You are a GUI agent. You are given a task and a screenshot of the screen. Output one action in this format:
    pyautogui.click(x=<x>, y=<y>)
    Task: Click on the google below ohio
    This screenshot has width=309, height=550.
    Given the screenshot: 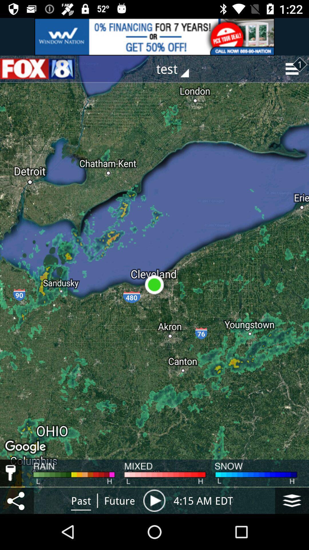 What is the action you would take?
    pyautogui.click(x=26, y=447)
    